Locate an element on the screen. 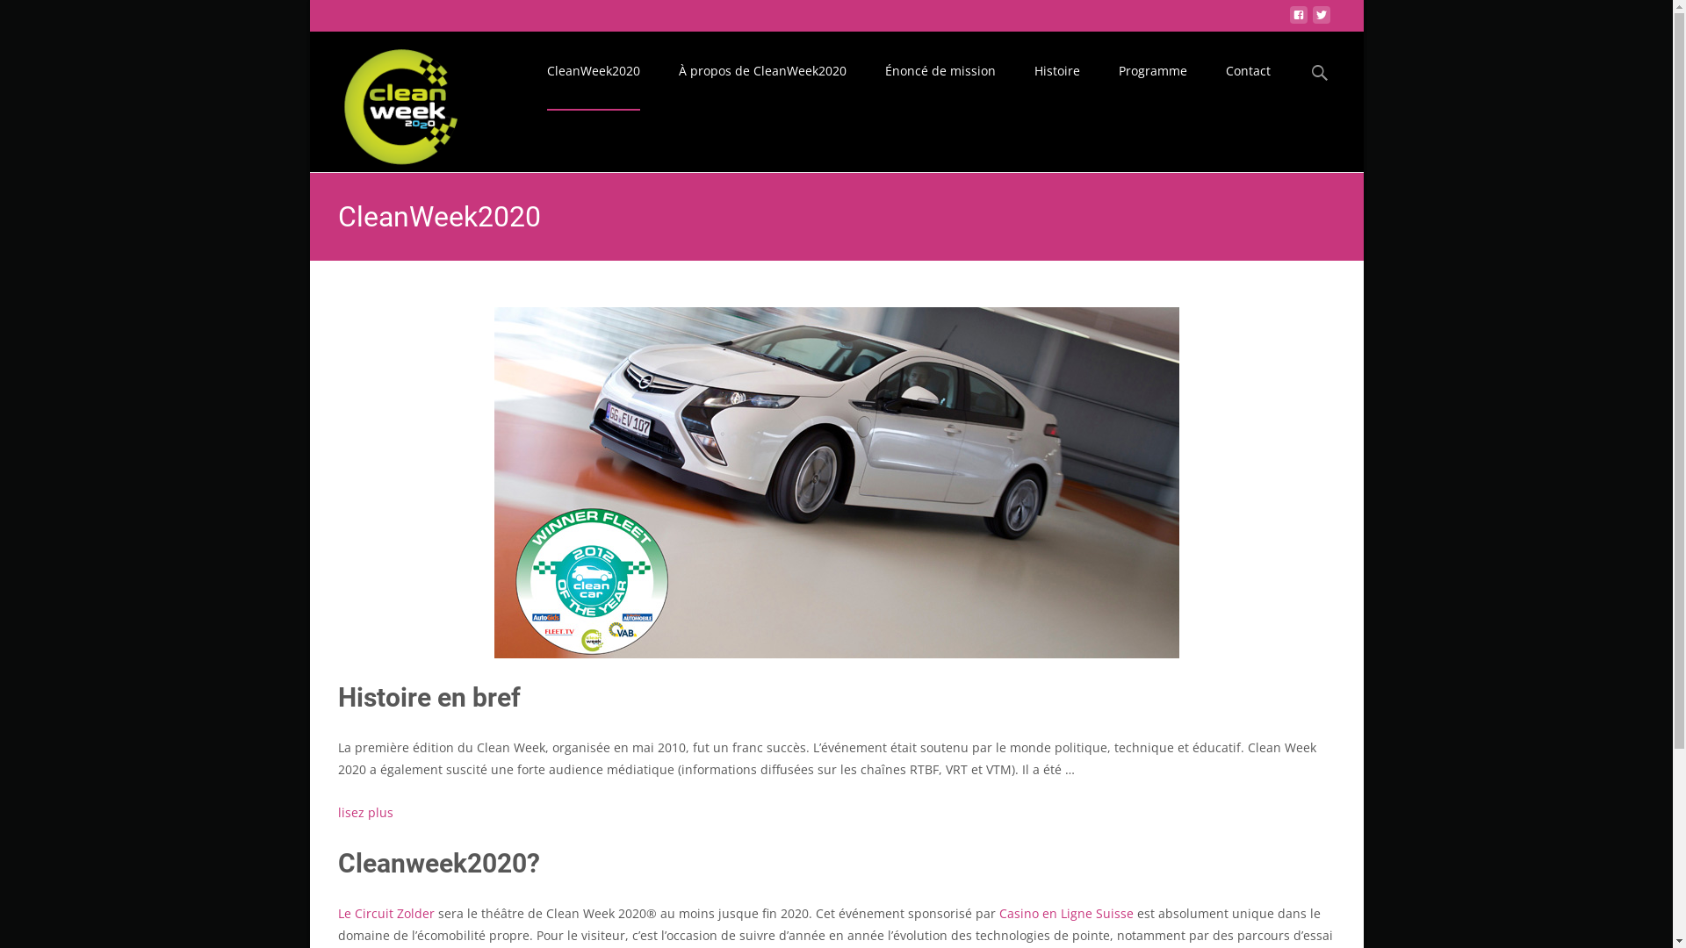  'Histoire' is located at coordinates (1056, 70).